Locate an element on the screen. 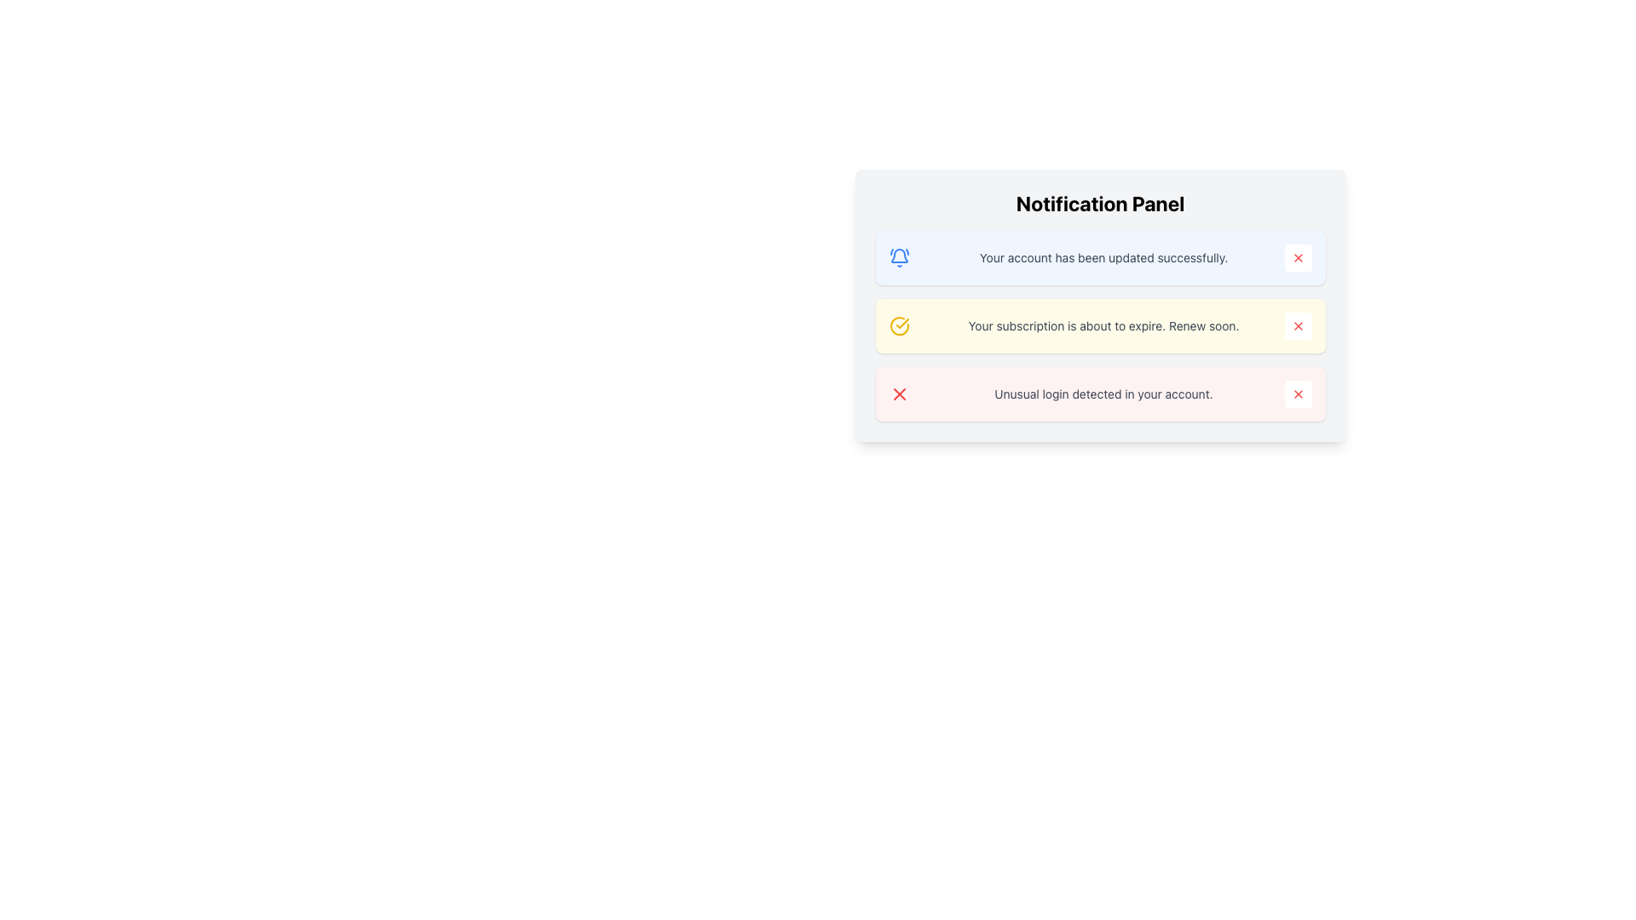  the bold and large-texted heading displaying 'Notification Panel' to focus on it is located at coordinates (1100, 203).